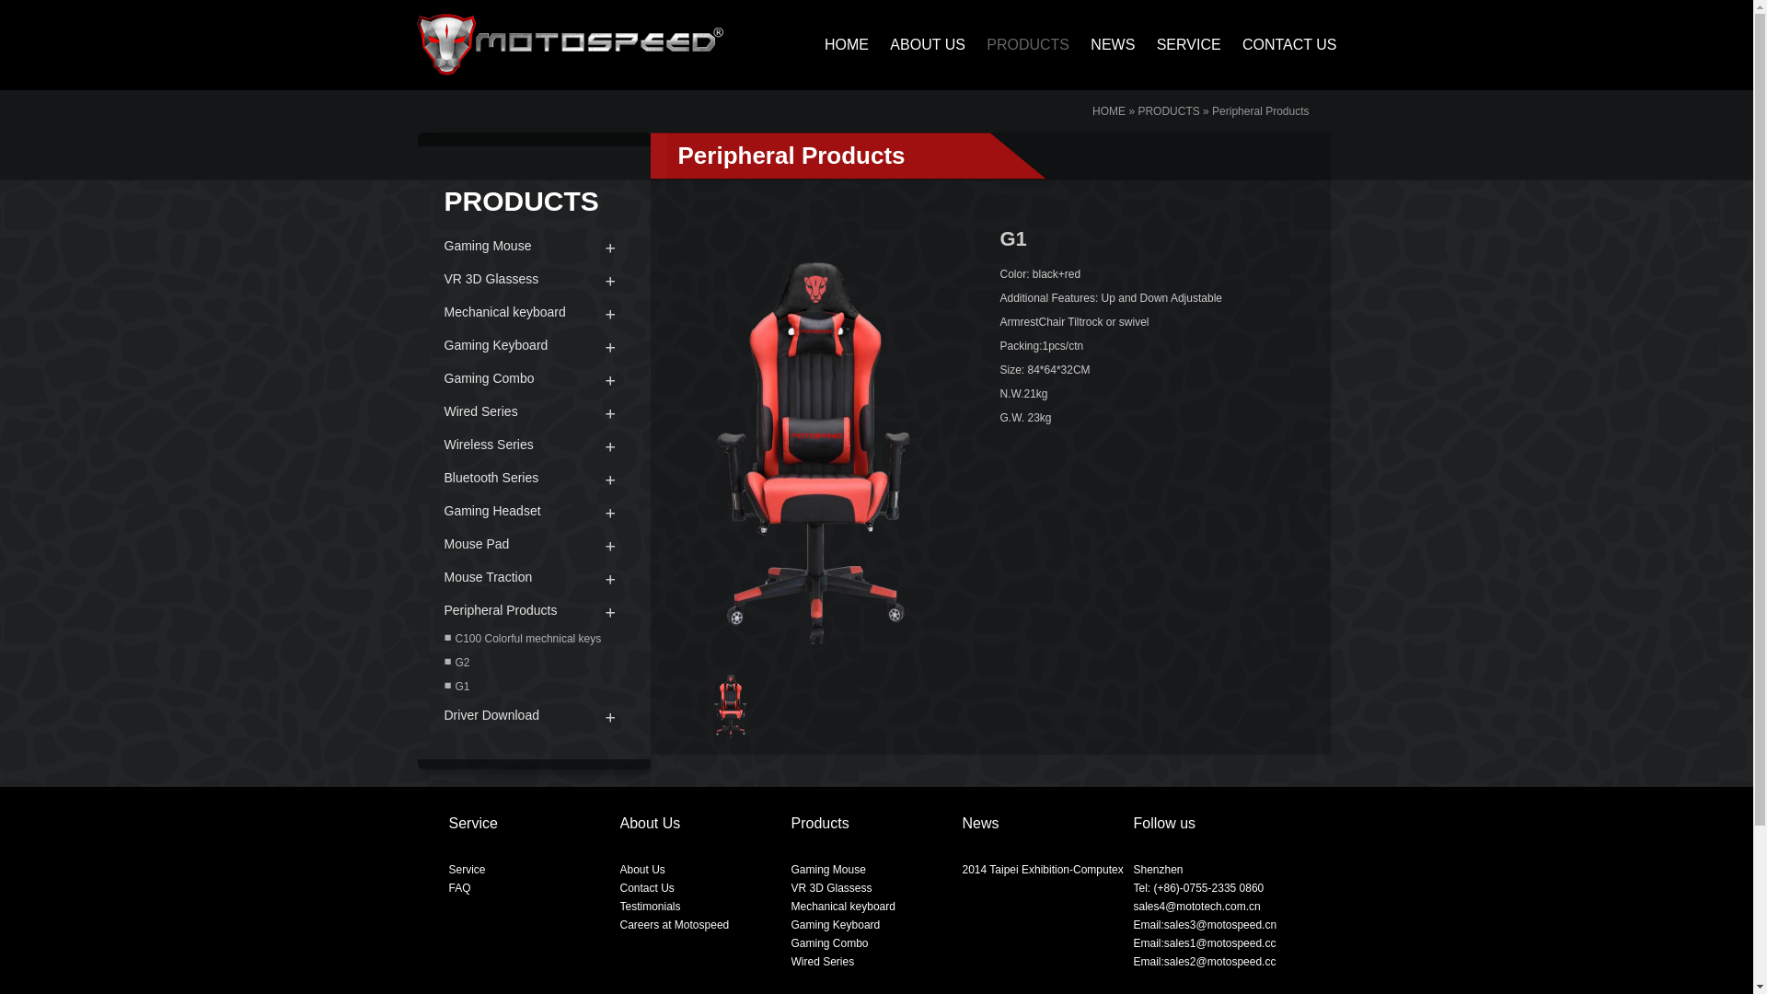  I want to click on 'Wireless Series', so click(532, 444).